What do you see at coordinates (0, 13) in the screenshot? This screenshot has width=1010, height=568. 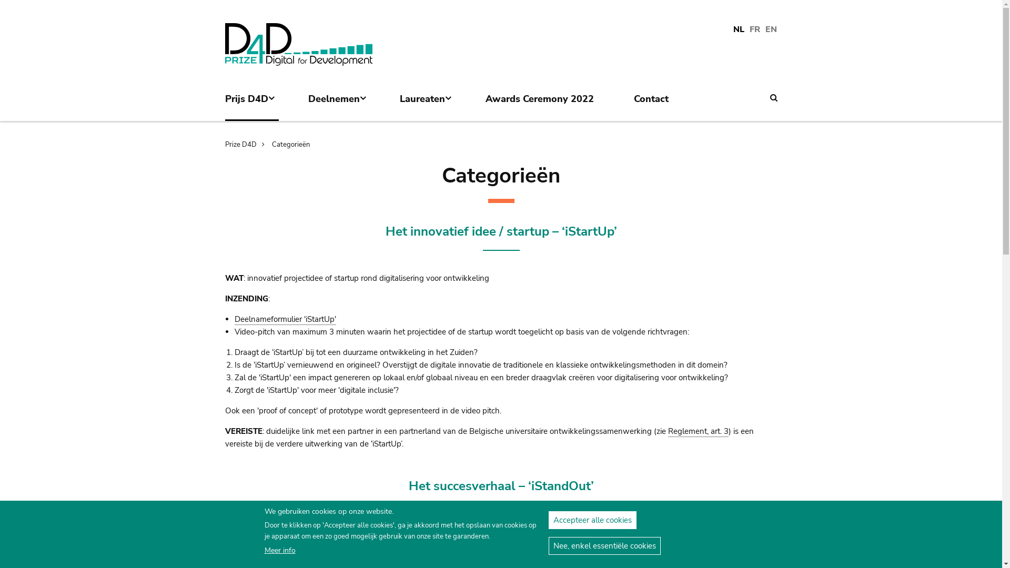 I see `'Skip to main content'` at bounding box center [0, 13].